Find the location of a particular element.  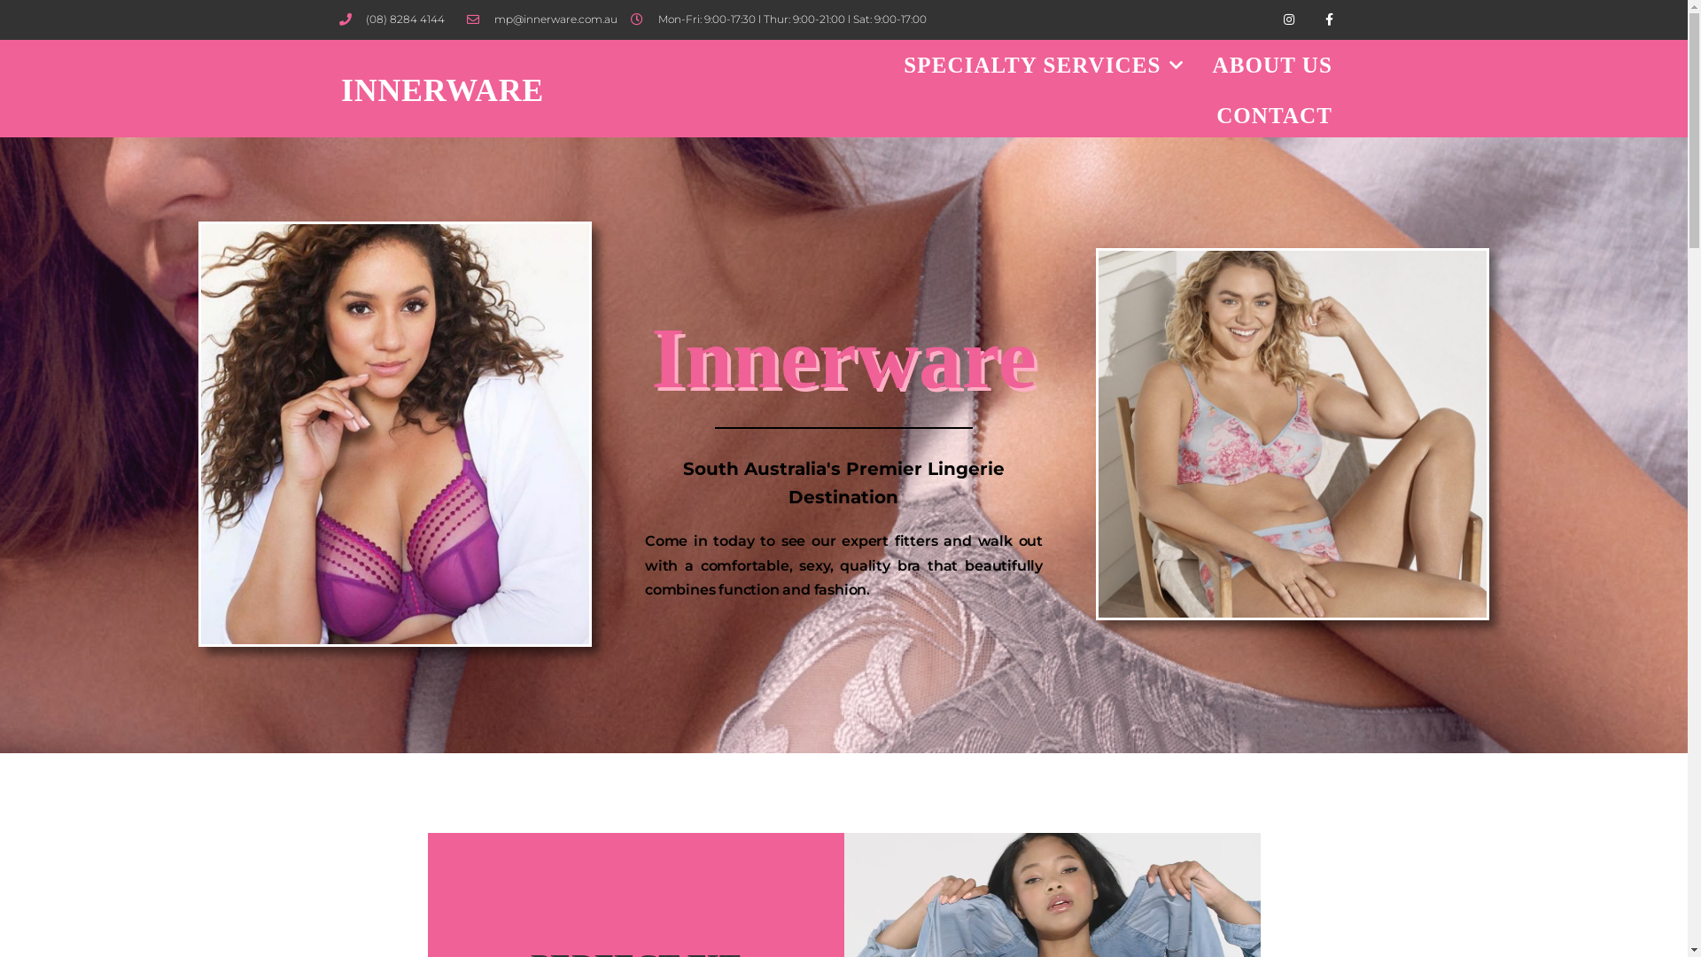

'ABOUT US' is located at coordinates (1199, 64).